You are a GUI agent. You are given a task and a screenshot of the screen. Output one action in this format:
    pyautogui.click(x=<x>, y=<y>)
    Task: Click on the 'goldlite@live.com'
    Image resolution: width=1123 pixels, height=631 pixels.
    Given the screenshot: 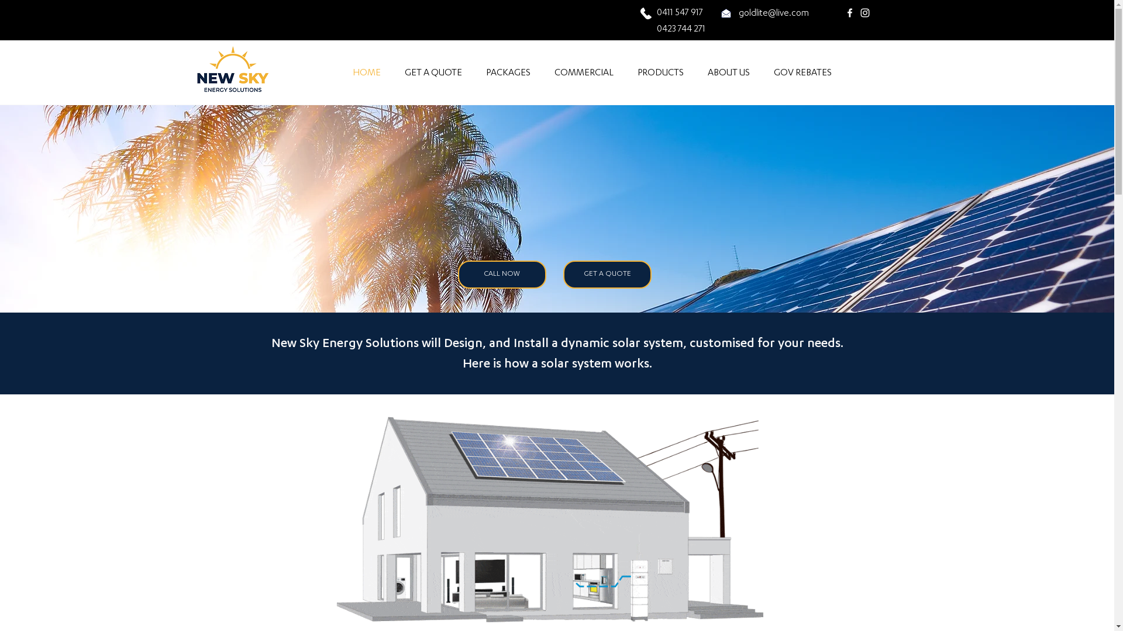 What is the action you would take?
    pyautogui.click(x=773, y=13)
    